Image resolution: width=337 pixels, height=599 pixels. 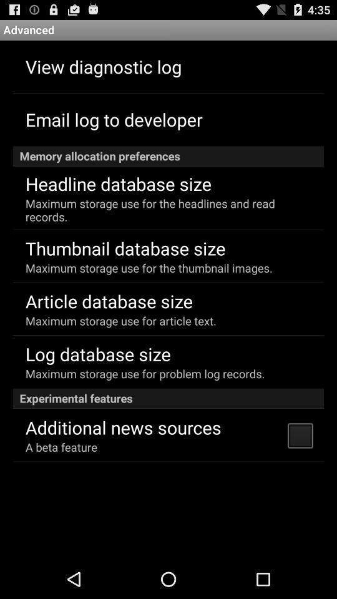 What do you see at coordinates (114, 119) in the screenshot?
I see `item below the view diagnostic log item` at bounding box center [114, 119].